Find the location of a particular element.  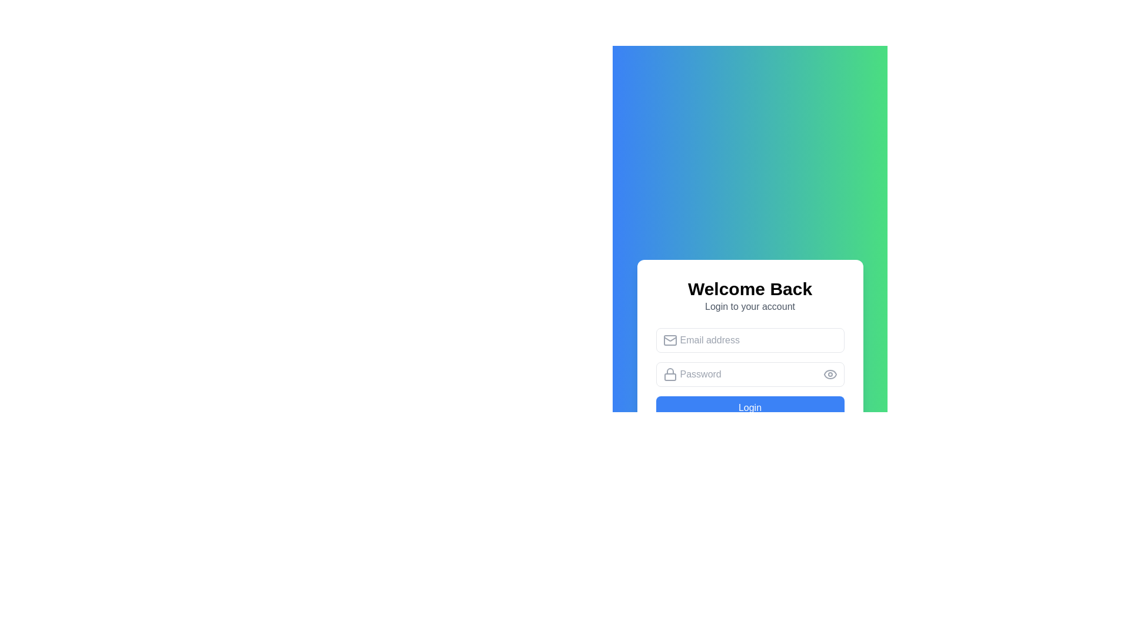

the upper shackle portion of the lock icon indicating that the associated 'Password' input field expects confidential information is located at coordinates (670, 371).